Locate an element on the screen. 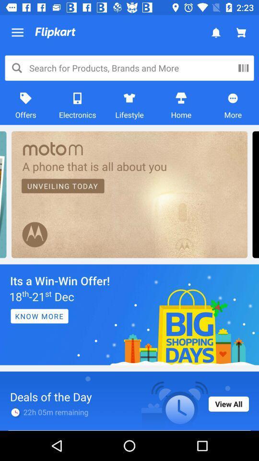 This screenshot has height=461, width=259. search product is located at coordinates (243, 67).